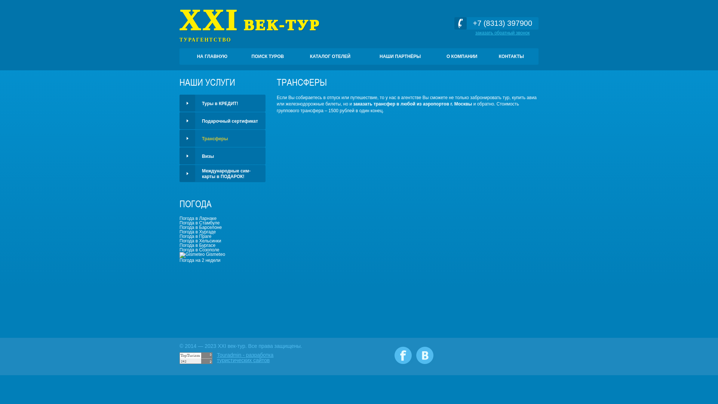 This screenshot has height=404, width=718. What do you see at coordinates (202, 254) in the screenshot?
I see `'Gismeteo'` at bounding box center [202, 254].